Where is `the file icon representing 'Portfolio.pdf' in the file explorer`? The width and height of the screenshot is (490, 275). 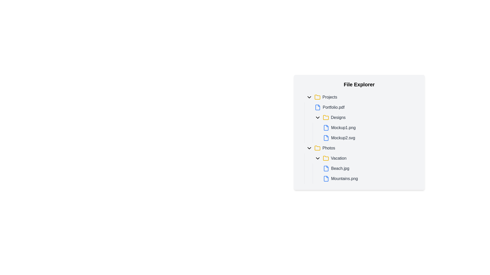 the file icon representing 'Portfolio.pdf' in the file explorer is located at coordinates (317, 107).